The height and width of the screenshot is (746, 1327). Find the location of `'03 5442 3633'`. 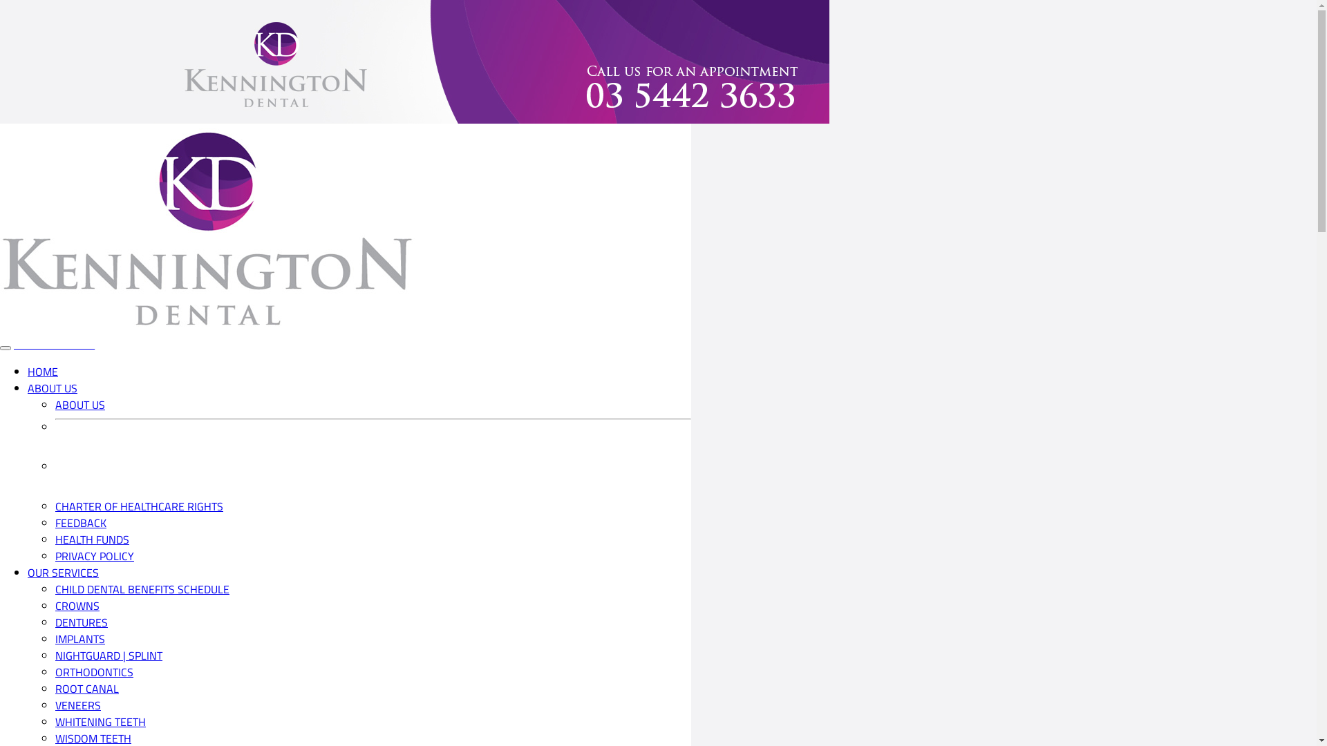

'03 5442 3633' is located at coordinates (54, 343).